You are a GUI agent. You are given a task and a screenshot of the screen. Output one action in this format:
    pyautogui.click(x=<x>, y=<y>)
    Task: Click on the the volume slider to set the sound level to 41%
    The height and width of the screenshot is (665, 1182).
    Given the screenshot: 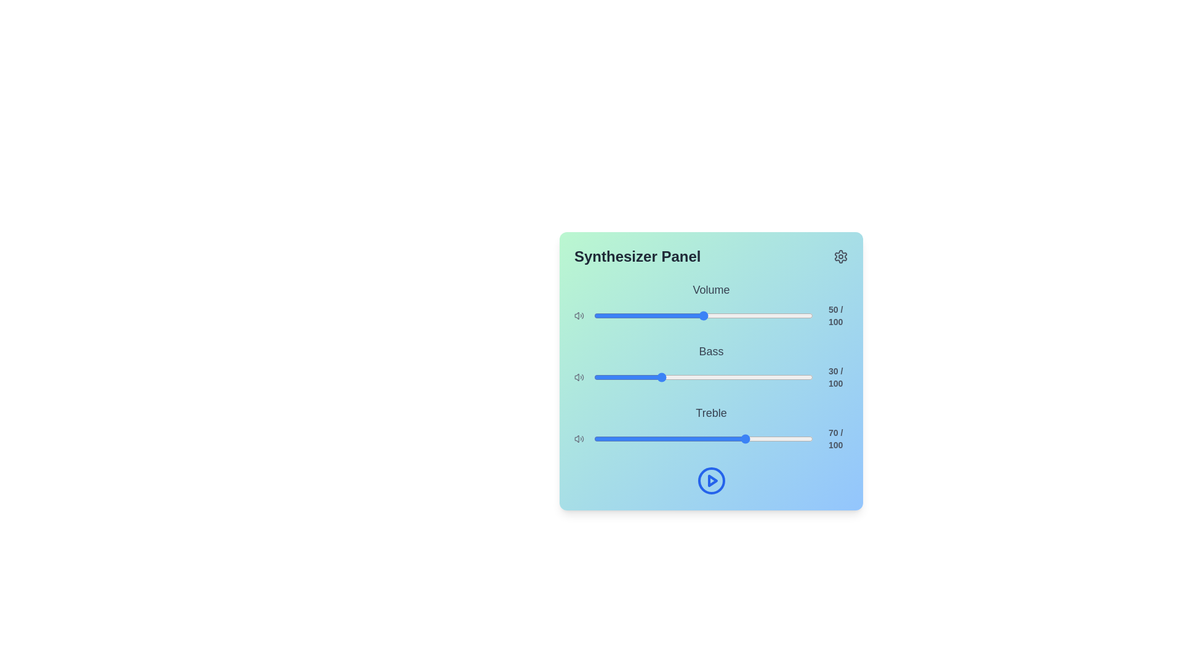 What is the action you would take?
    pyautogui.click(x=683, y=315)
    